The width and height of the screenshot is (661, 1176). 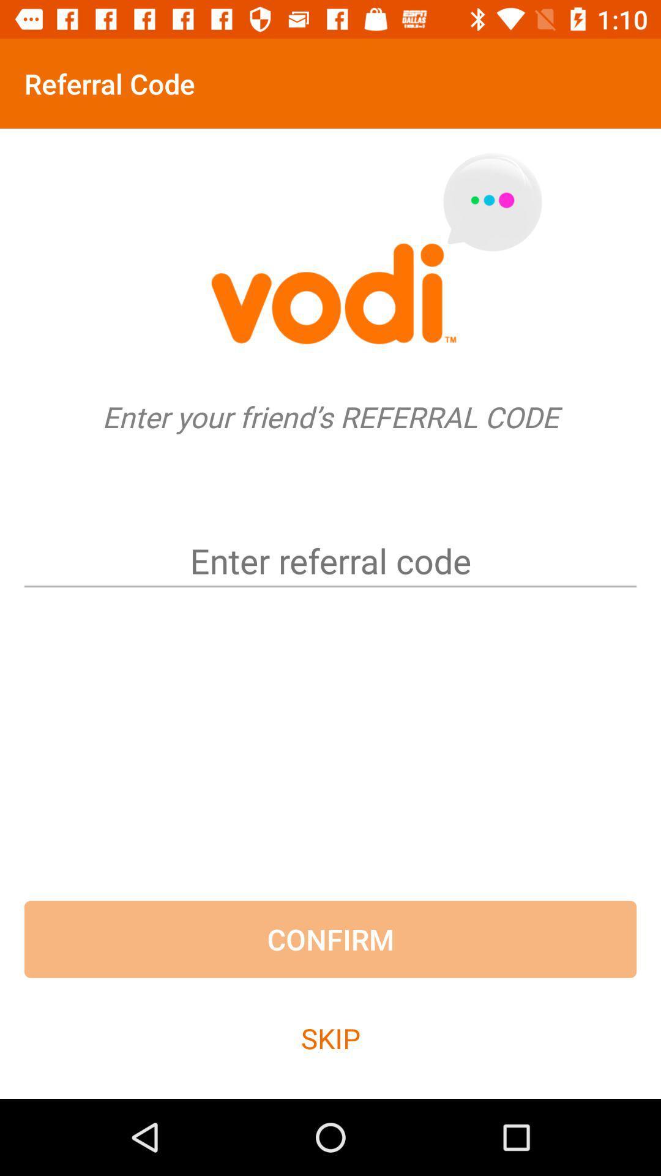 What do you see at coordinates (330, 1038) in the screenshot?
I see `skip item` at bounding box center [330, 1038].